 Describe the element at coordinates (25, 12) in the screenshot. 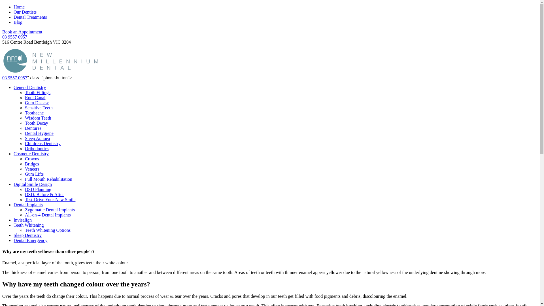

I see `'Our Dentists'` at that location.